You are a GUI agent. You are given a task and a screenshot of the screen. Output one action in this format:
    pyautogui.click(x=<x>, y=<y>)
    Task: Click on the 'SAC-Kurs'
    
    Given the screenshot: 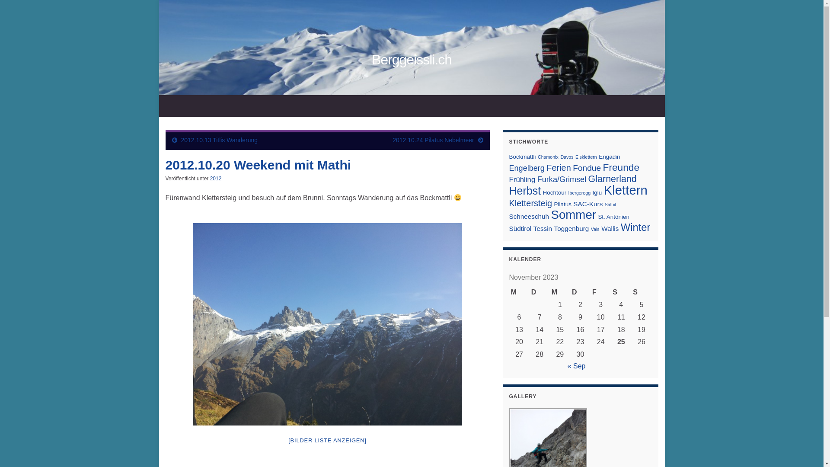 What is the action you would take?
    pyautogui.click(x=587, y=204)
    